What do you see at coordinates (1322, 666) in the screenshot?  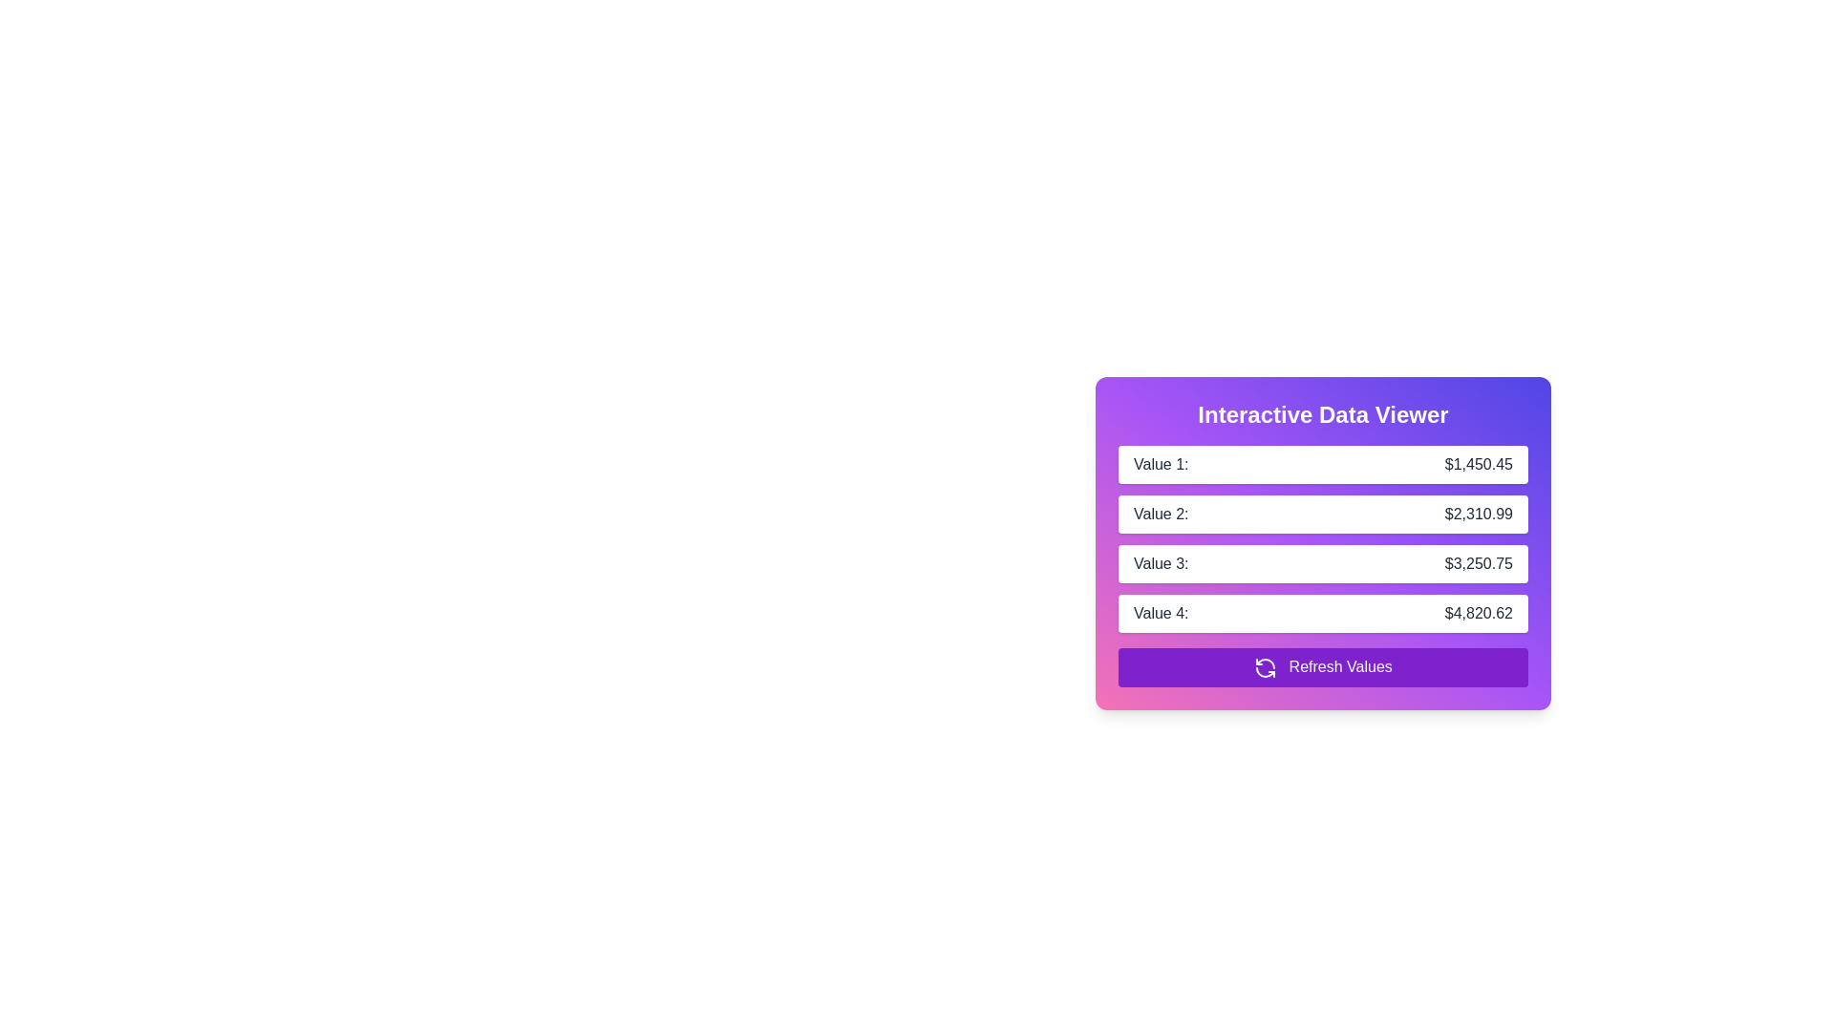 I see `the purple 'Refresh Values' button located at the bottom of the panel to observe the hover effect` at bounding box center [1322, 666].